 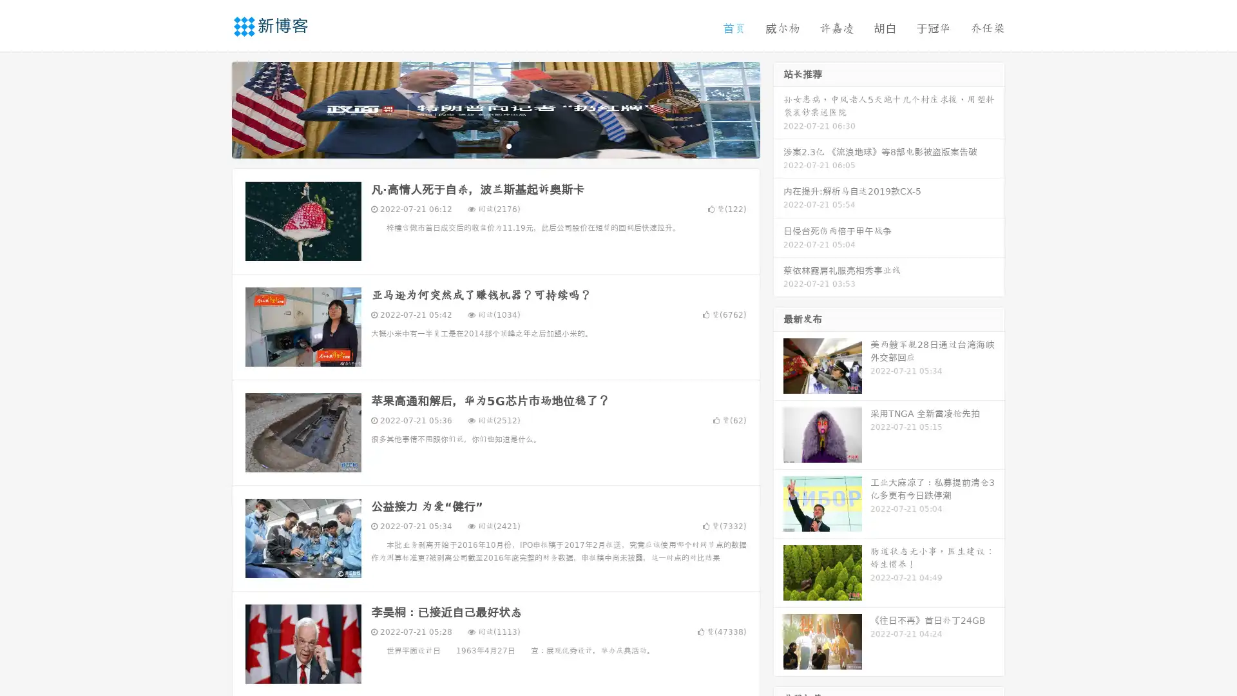 What do you see at coordinates (495, 145) in the screenshot?
I see `Go to slide 2` at bounding box center [495, 145].